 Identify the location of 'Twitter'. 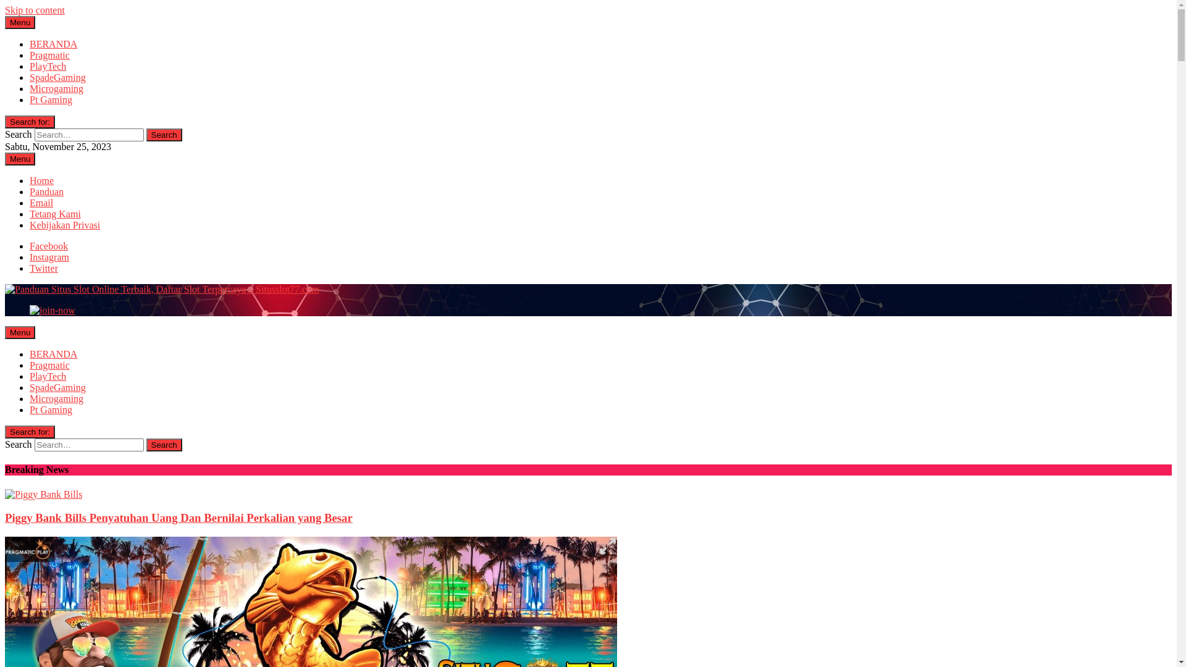
(44, 267).